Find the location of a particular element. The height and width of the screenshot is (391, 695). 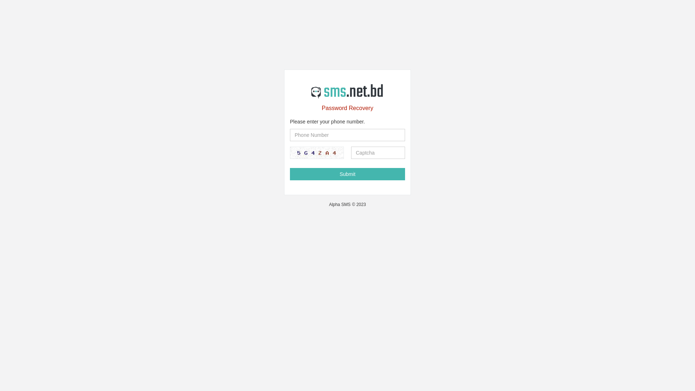

'Submit' is located at coordinates (347, 174).